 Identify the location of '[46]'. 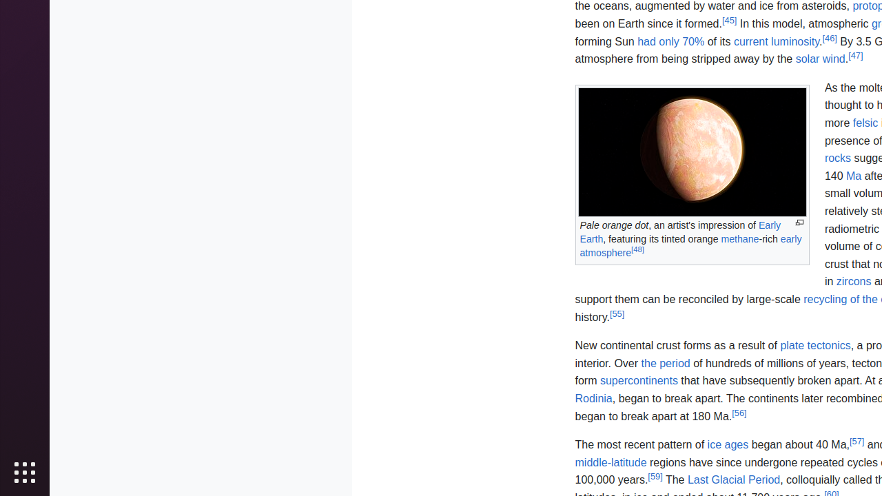
(828, 37).